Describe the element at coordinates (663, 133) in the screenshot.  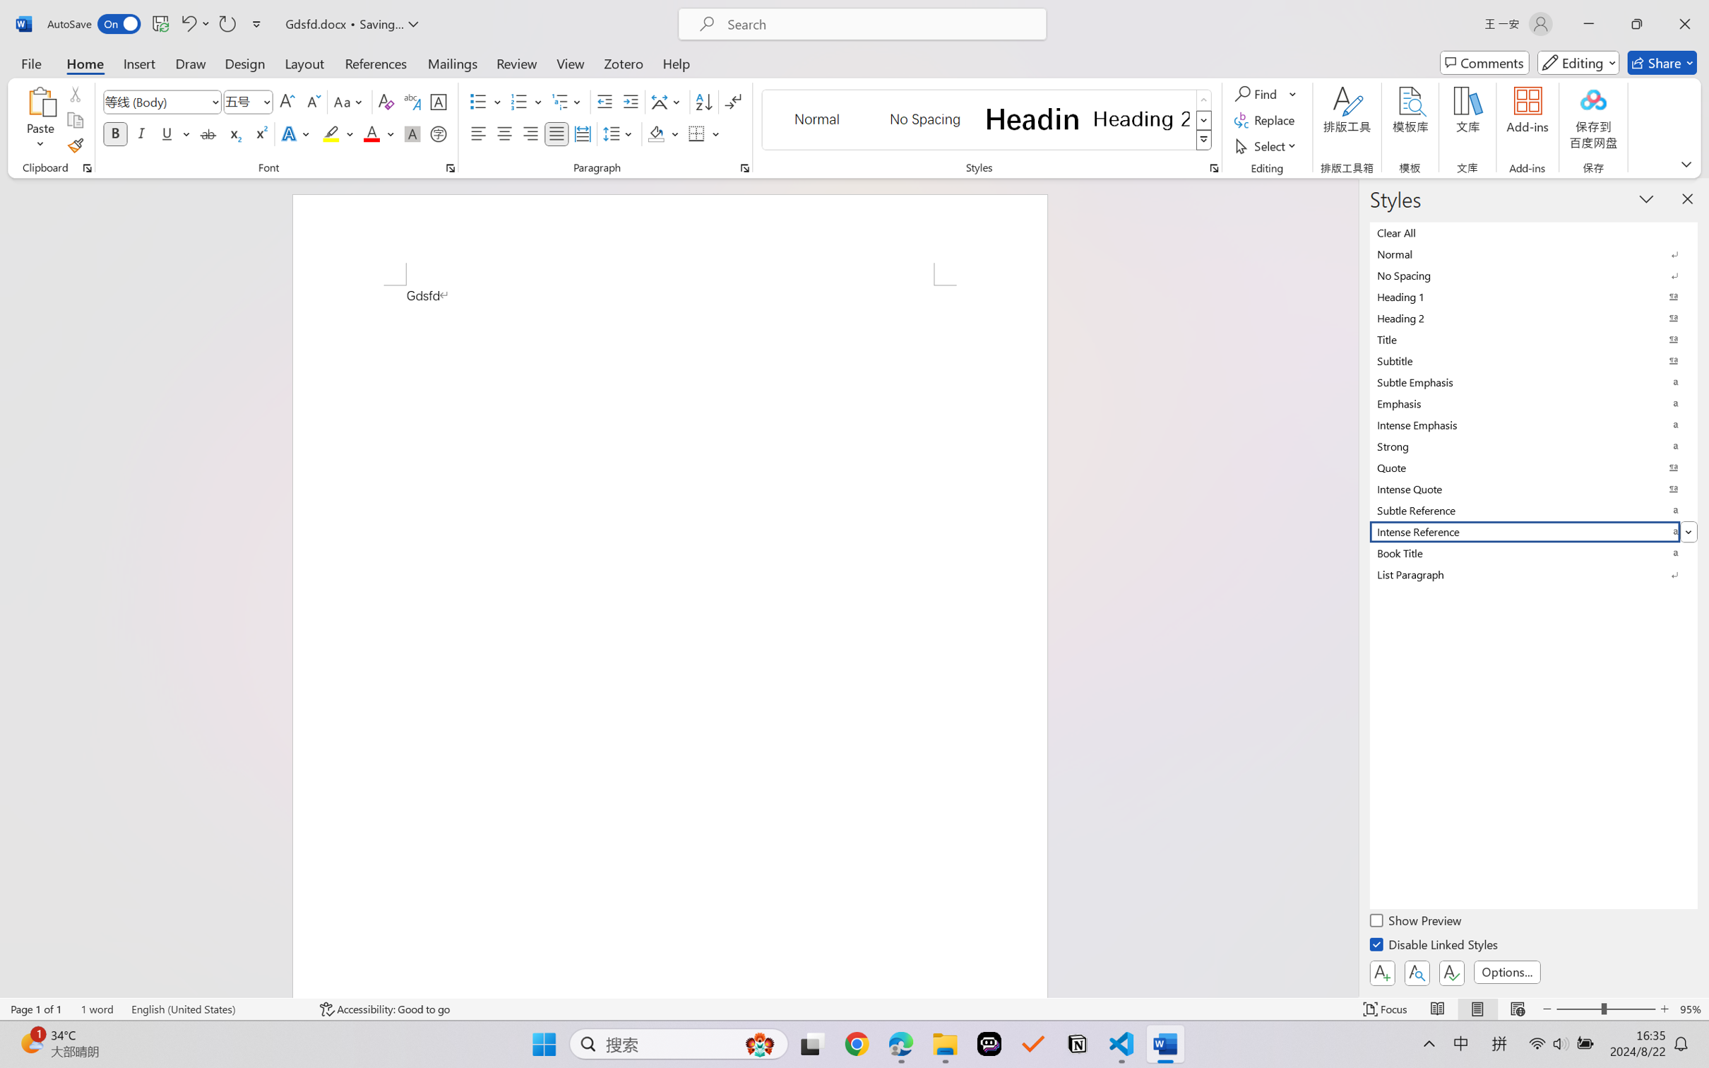
I see `'Shading'` at that location.